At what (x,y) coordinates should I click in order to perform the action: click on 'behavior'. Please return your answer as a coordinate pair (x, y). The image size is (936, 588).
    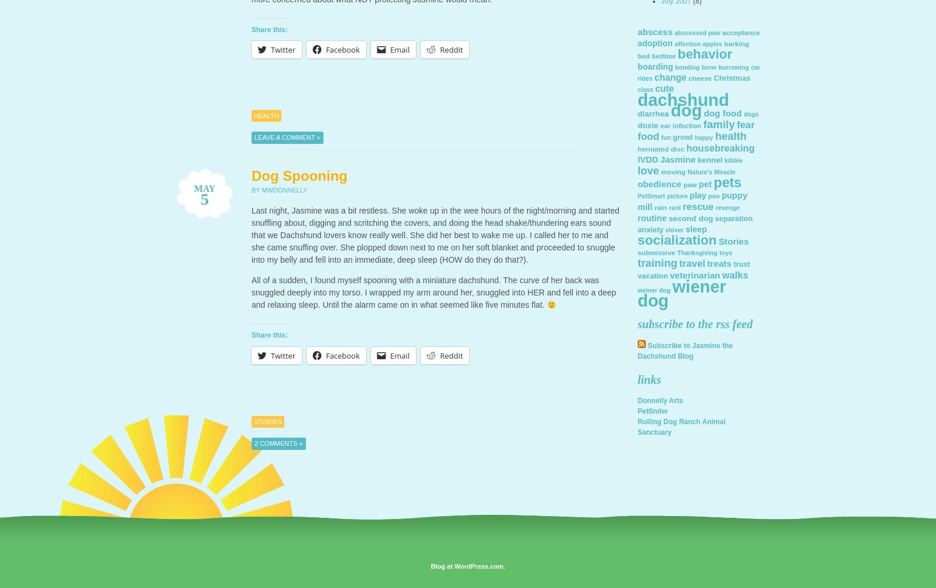
    Looking at the image, I should click on (704, 54).